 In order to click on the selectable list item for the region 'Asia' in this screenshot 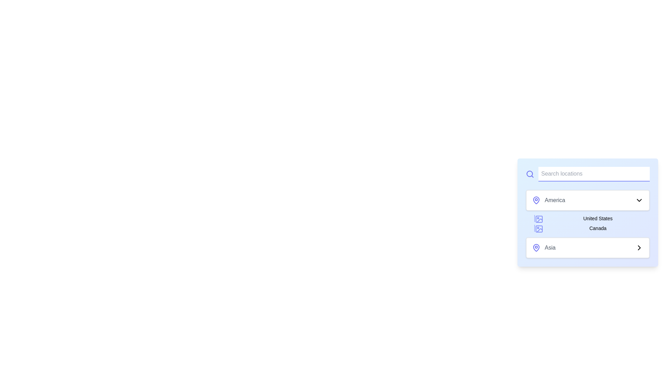, I will do `click(543, 247)`.